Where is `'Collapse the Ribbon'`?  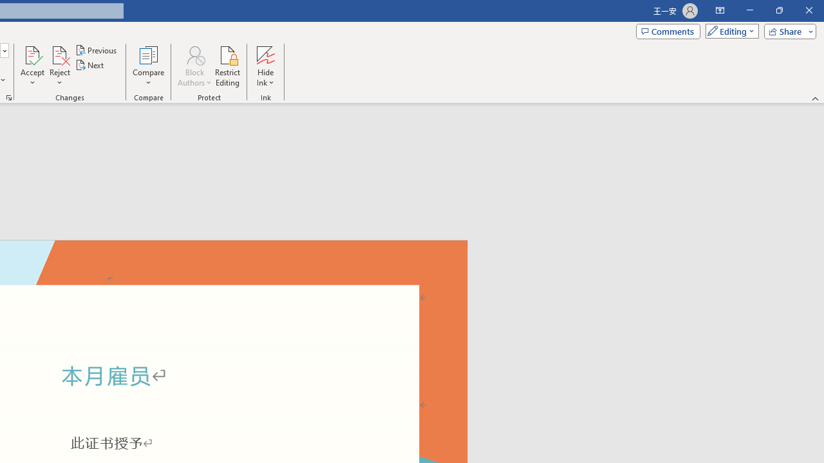
'Collapse the Ribbon' is located at coordinates (815, 98).